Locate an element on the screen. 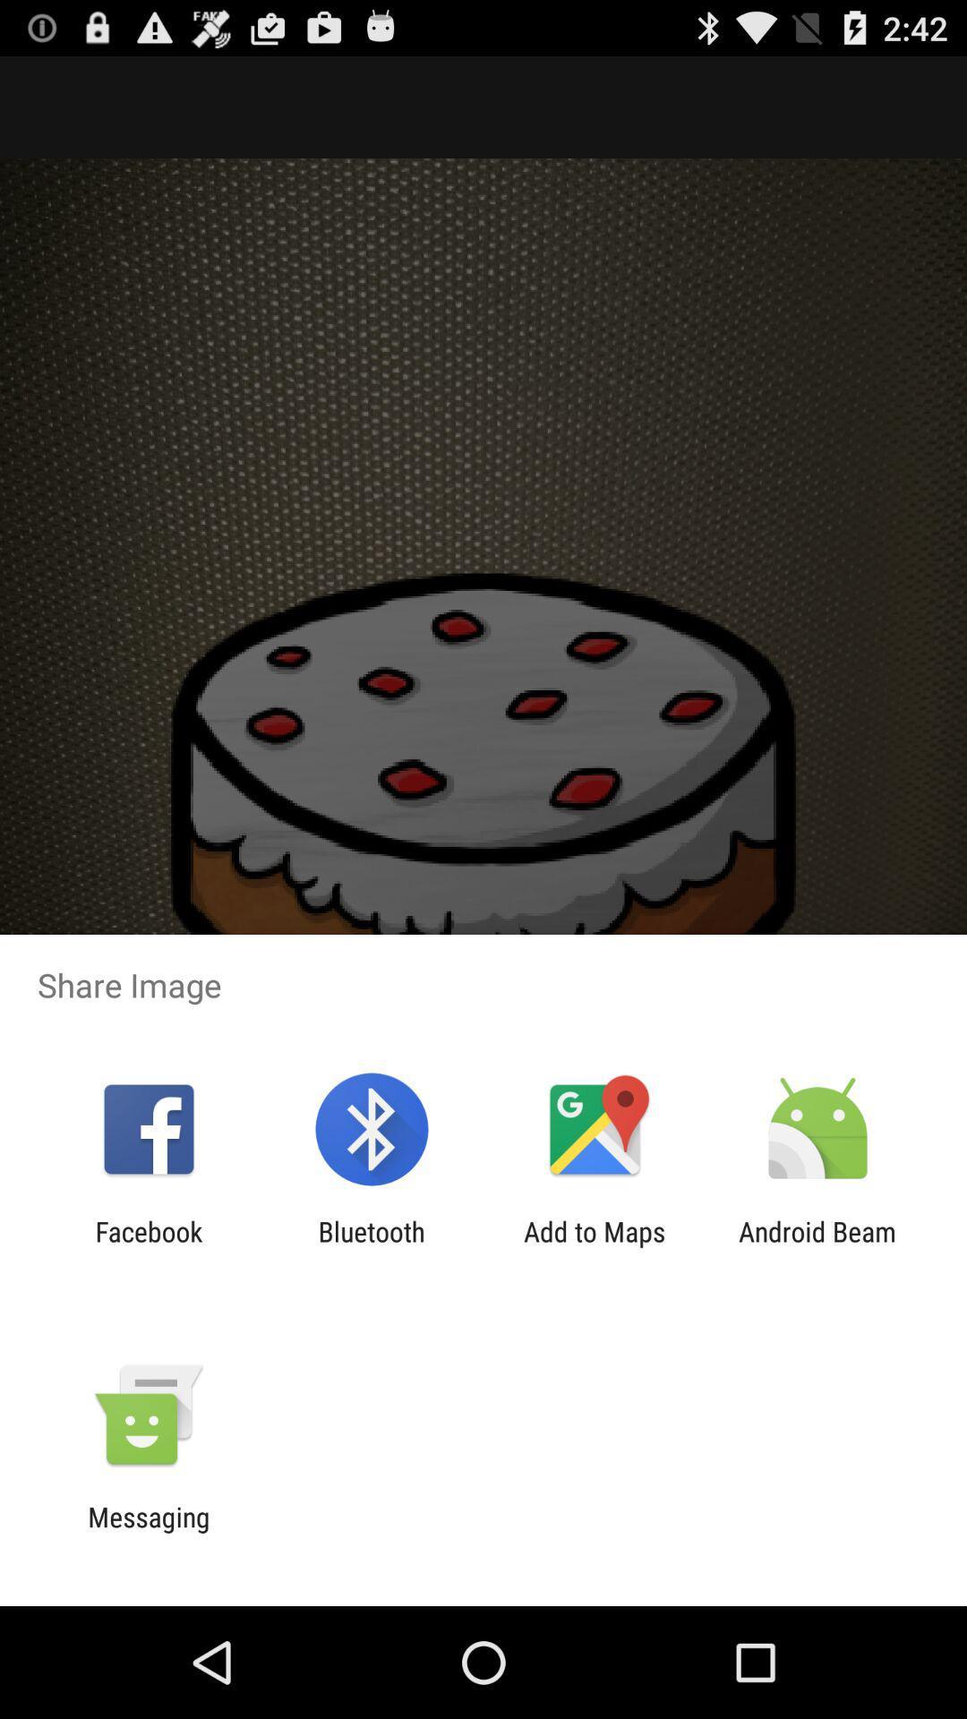 The width and height of the screenshot is (967, 1719). the messaging icon is located at coordinates (148, 1532).